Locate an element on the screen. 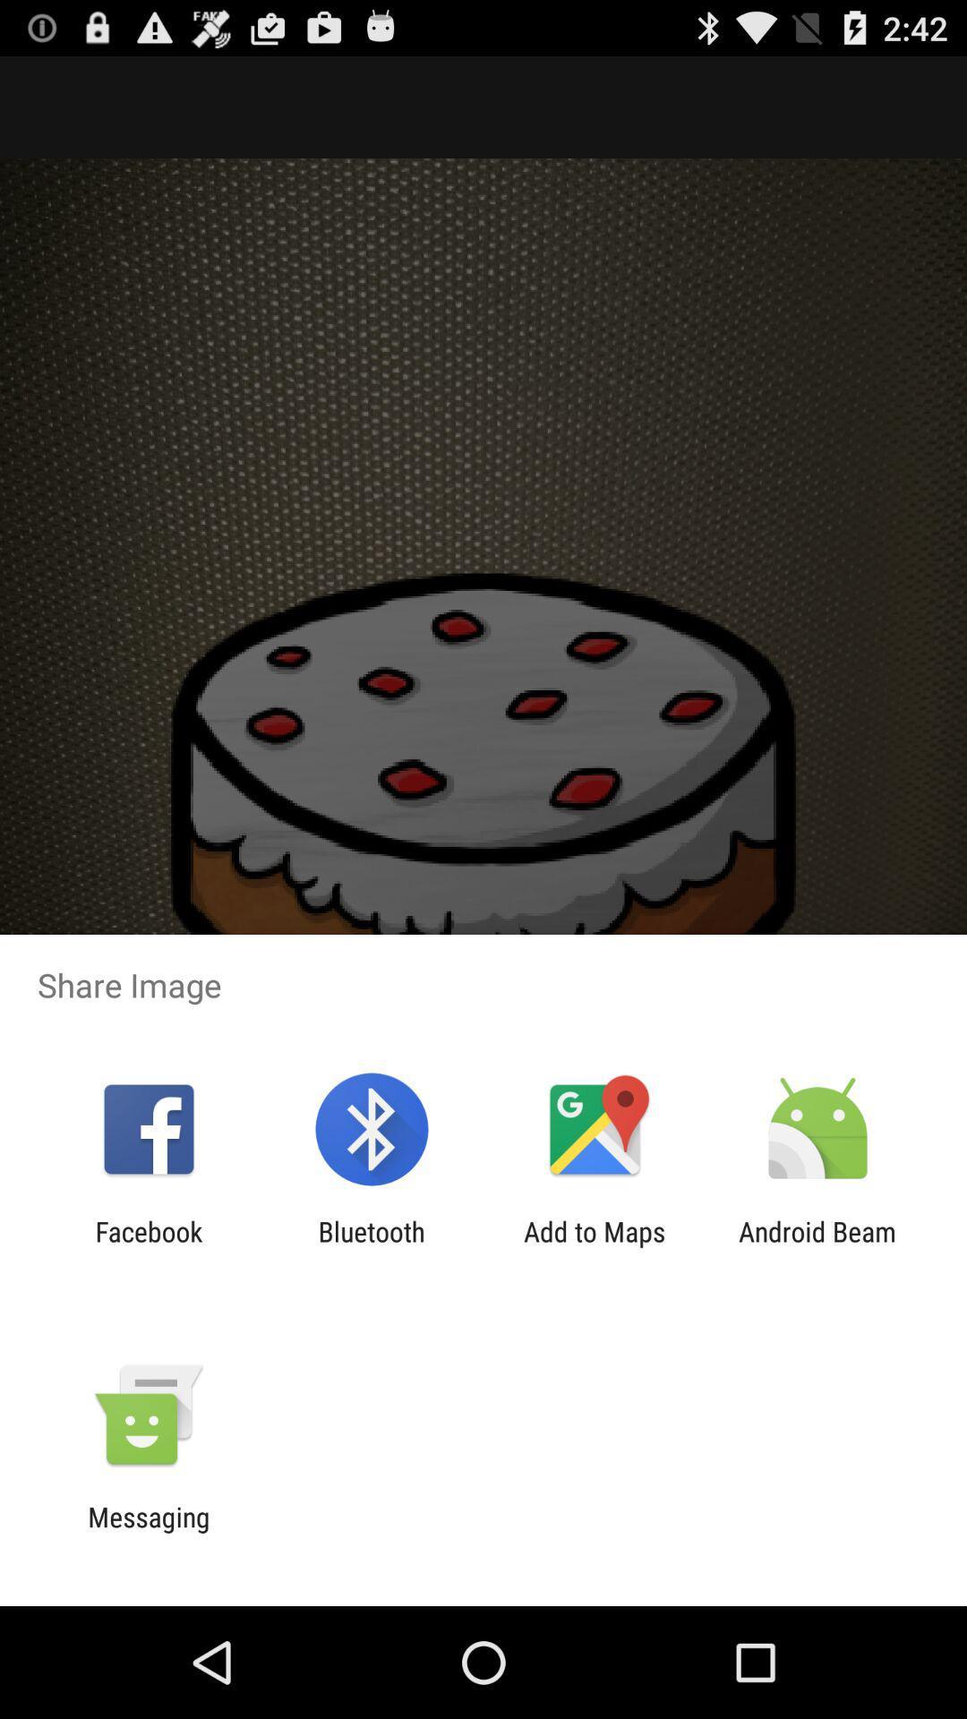 The width and height of the screenshot is (967, 1719). the messaging icon is located at coordinates (148, 1532).